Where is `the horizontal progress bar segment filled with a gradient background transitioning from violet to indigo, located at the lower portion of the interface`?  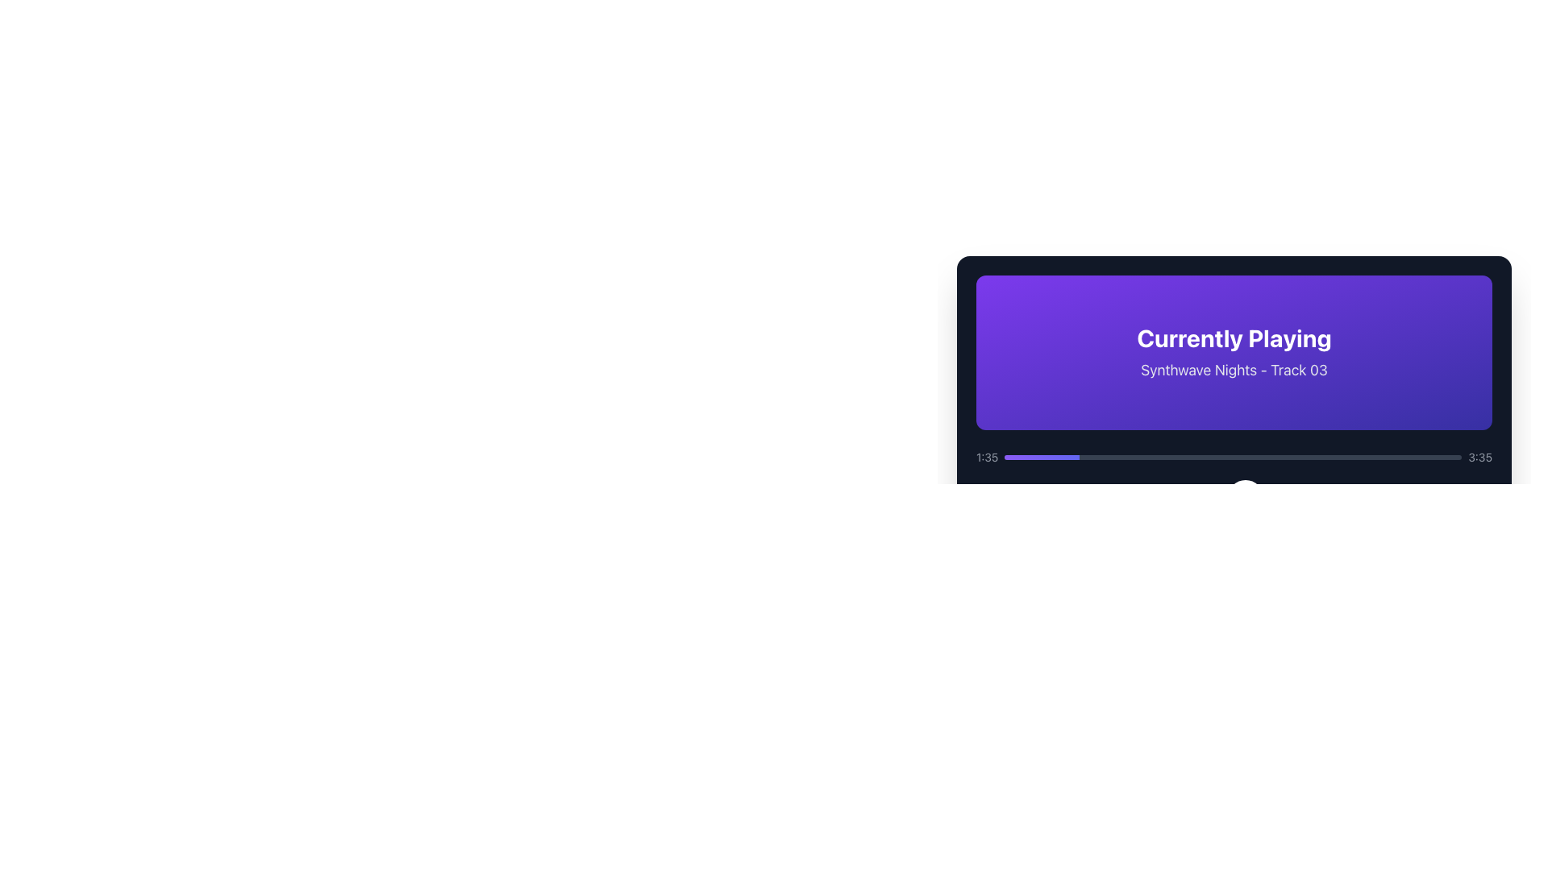
the horizontal progress bar segment filled with a gradient background transitioning from violet to indigo, located at the lower portion of the interface is located at coordinates (1042, 457).